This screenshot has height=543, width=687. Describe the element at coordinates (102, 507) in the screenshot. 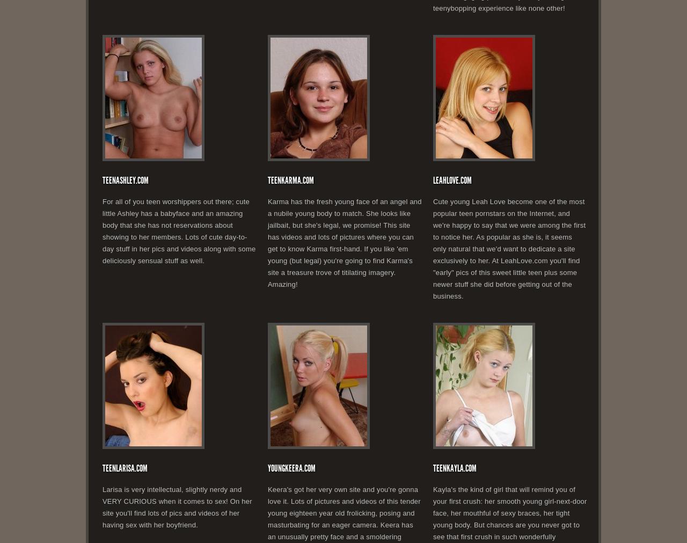

I see `'Larisa is very intellectual, slightly nerdy and VERY CURIOUS when it comes to sex! On her site you'll find lots of pics and videos of her having sex with her boyfriend.'` at that location.